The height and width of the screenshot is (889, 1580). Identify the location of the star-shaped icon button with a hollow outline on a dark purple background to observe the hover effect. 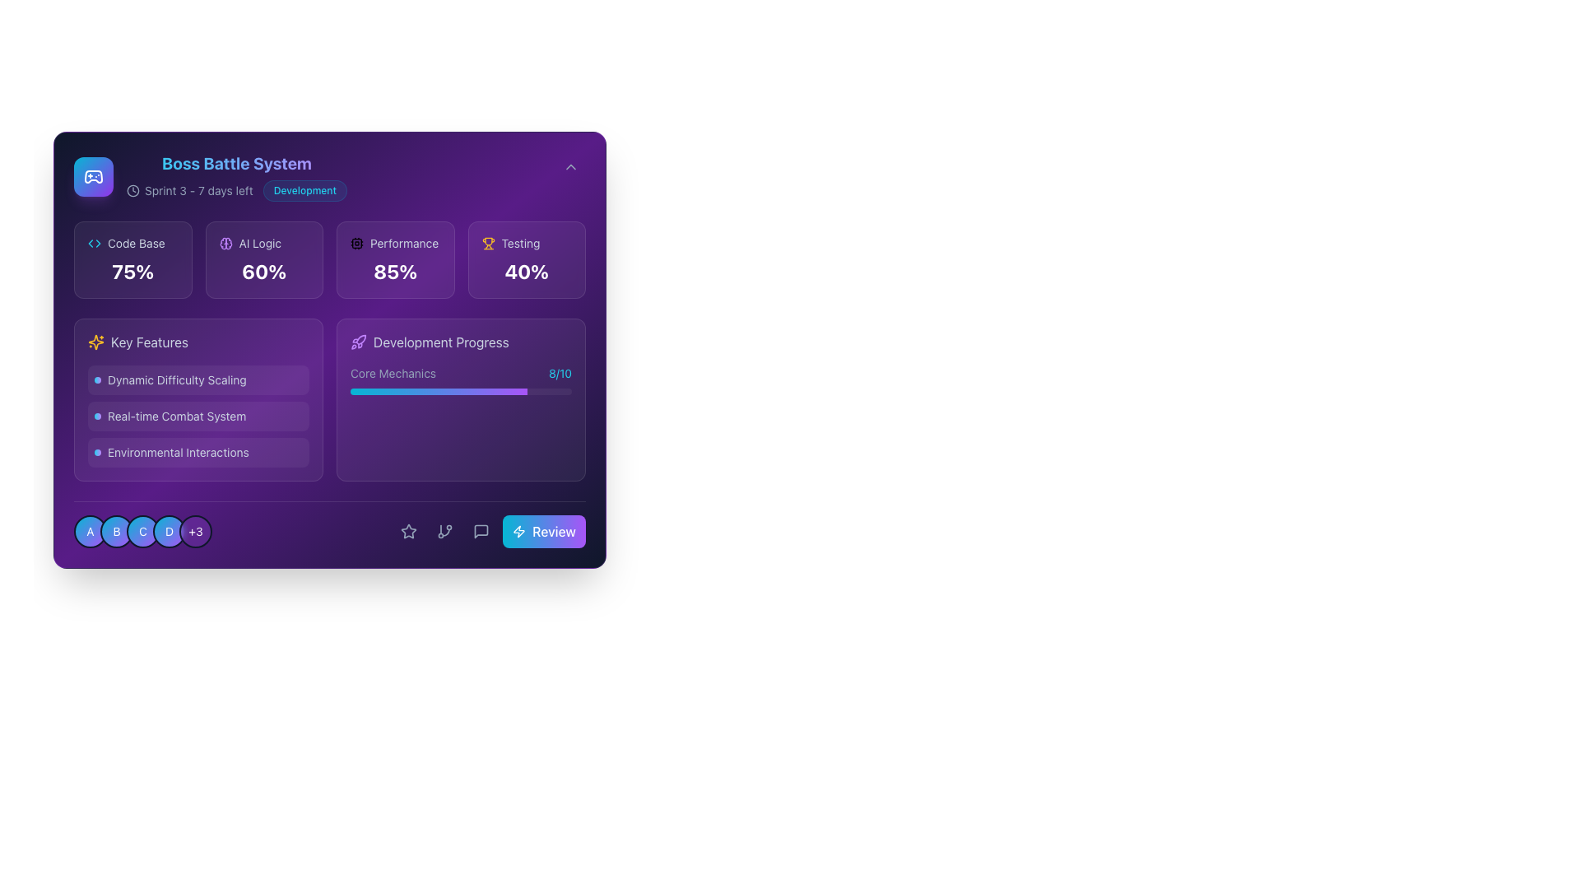
(409, 531).